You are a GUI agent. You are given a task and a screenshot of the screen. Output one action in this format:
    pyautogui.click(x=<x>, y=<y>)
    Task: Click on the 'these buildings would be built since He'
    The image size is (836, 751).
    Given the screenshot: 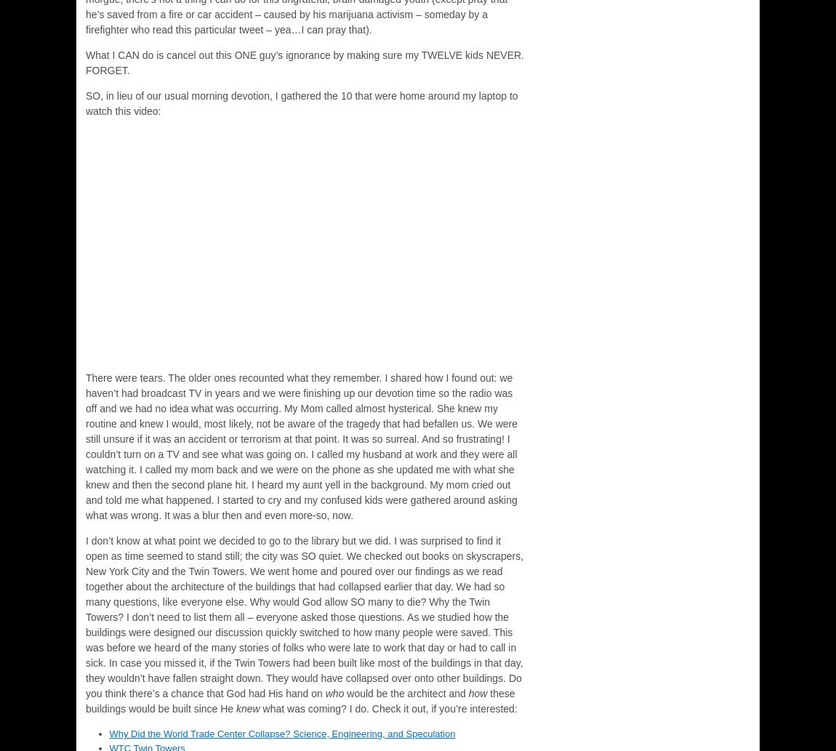 What is the action you would take?
    pyautogui.click(x=300, y=700)
    